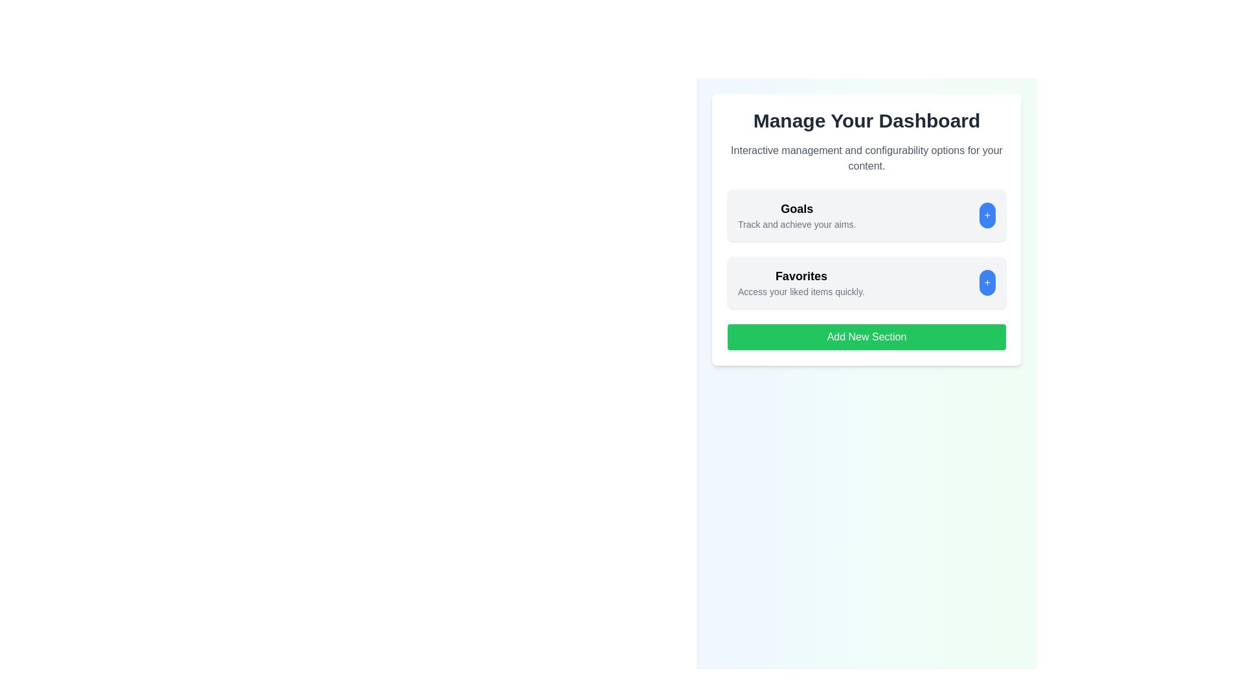  I want to click on the 'Favorites' text label which is located in the middle-right section of the interface within a card-like component below the 'Goals' section, so click(800, 282).